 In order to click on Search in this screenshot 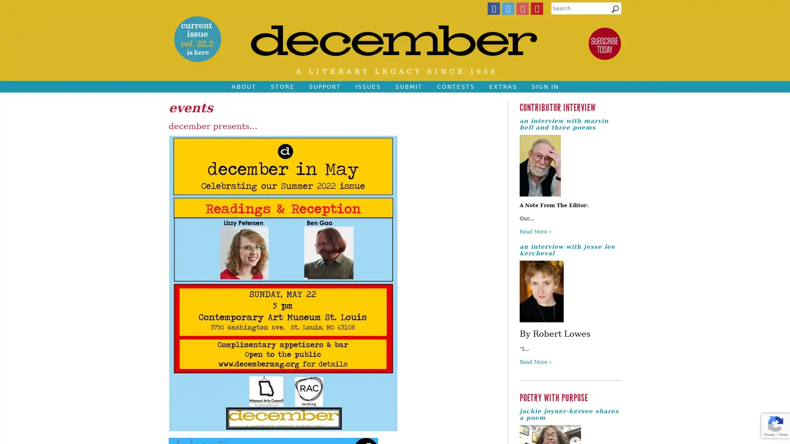, I will do `click(615, 11)`.